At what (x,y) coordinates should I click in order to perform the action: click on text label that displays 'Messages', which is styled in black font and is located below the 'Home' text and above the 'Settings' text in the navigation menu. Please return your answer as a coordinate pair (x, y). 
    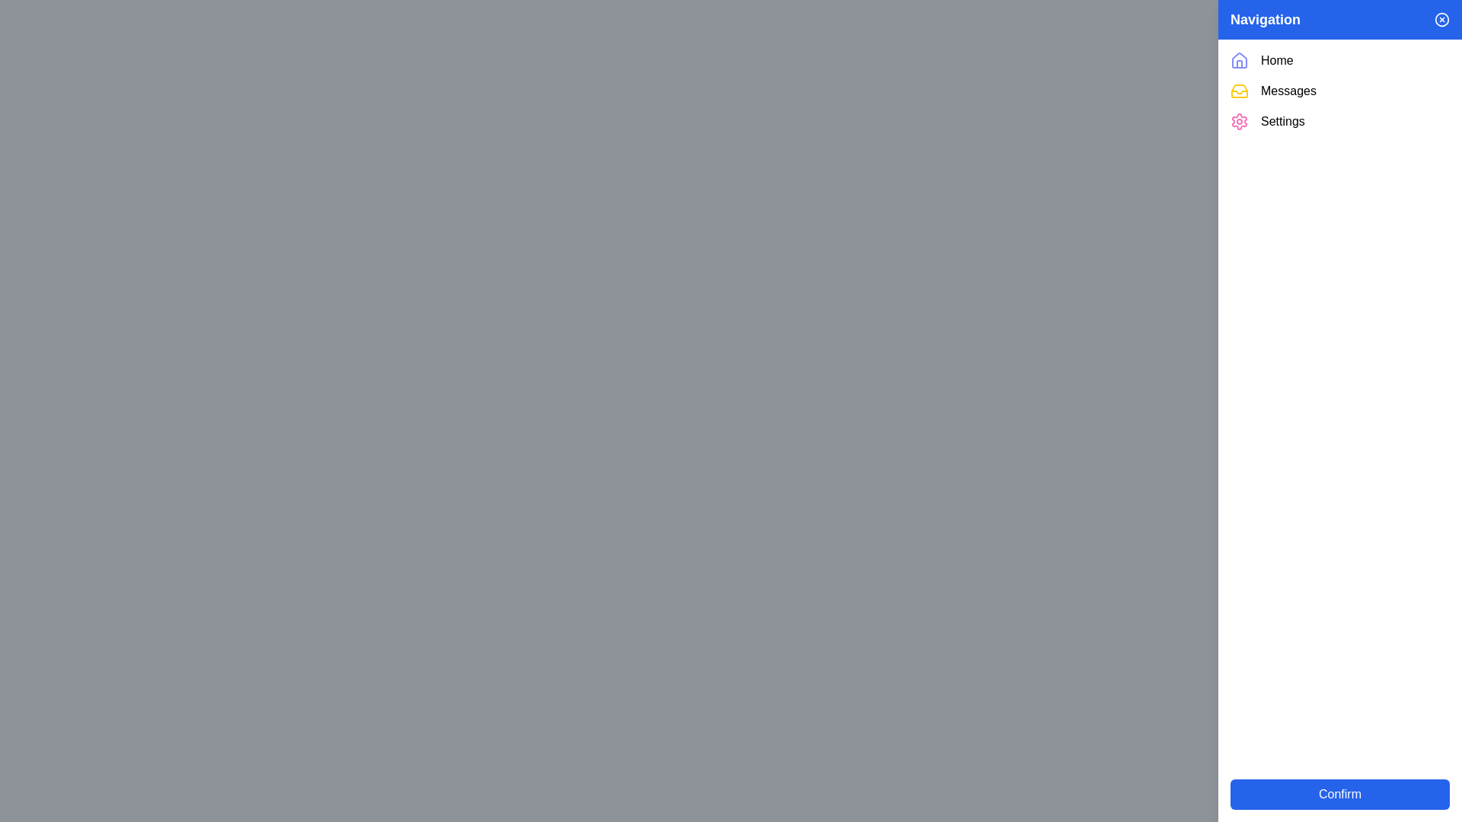
    Looking at the image, I should click on (1288, 91).